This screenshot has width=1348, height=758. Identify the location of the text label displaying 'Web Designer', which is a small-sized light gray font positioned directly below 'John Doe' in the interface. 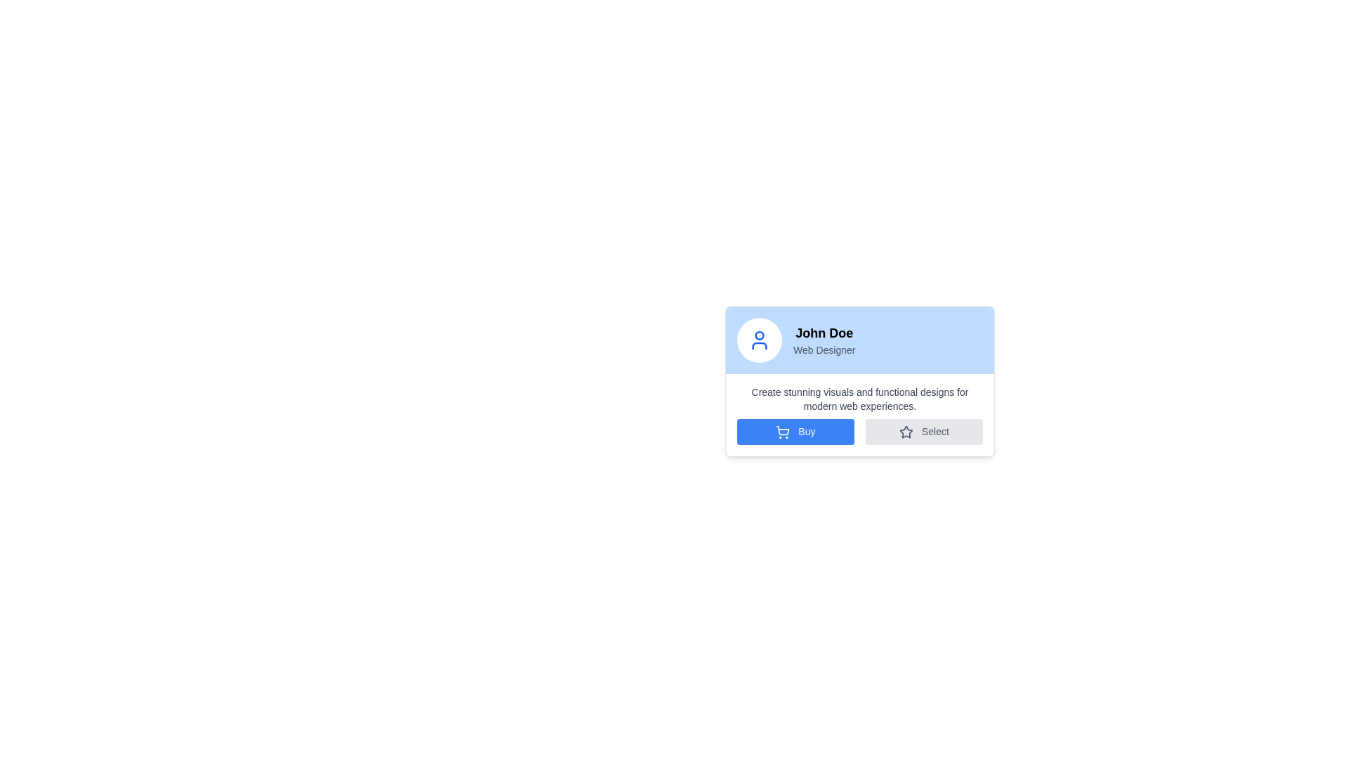
(824, 349).